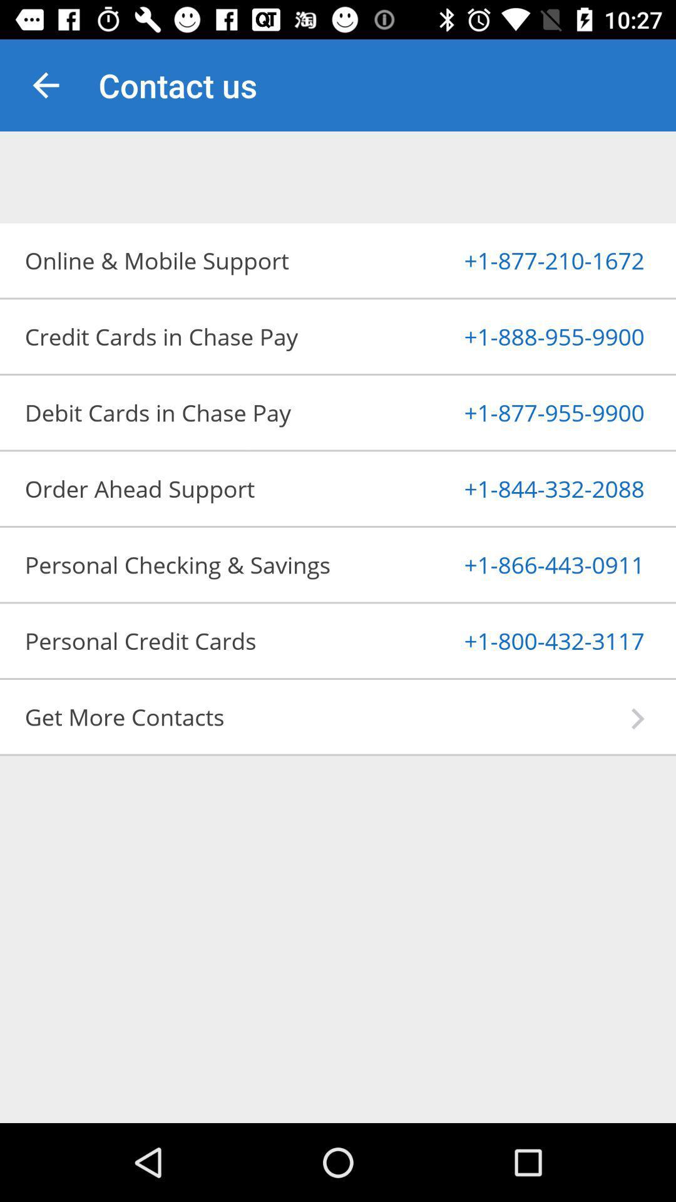 This screenshot has width=676, height=1202. What do you see at coordinates (524, 488) in the screenshot?
I see `1 844 332 app` at bounding box center [524, 488].